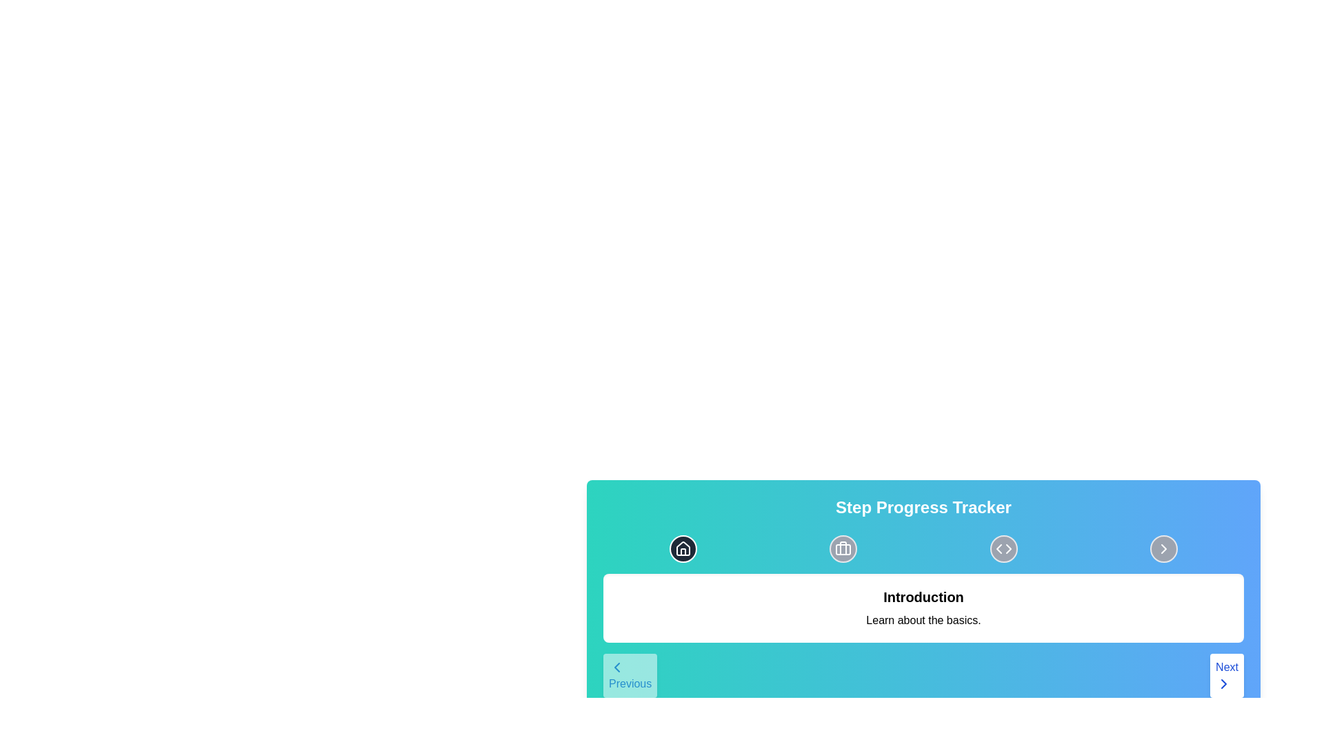  I want to click on the right triangular icon that is part of the central button in the 'Step Progress Tracker' interface, which may involve selecting or navigating options, so click(1008, 548).